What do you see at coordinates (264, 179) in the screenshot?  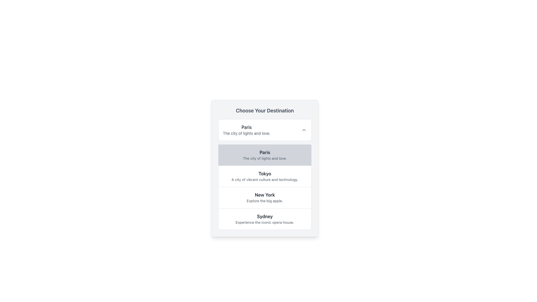 I see `the text label describing Tokyo, which contains the text 'A city of vibrant culture` at bounding box center [264, 179].